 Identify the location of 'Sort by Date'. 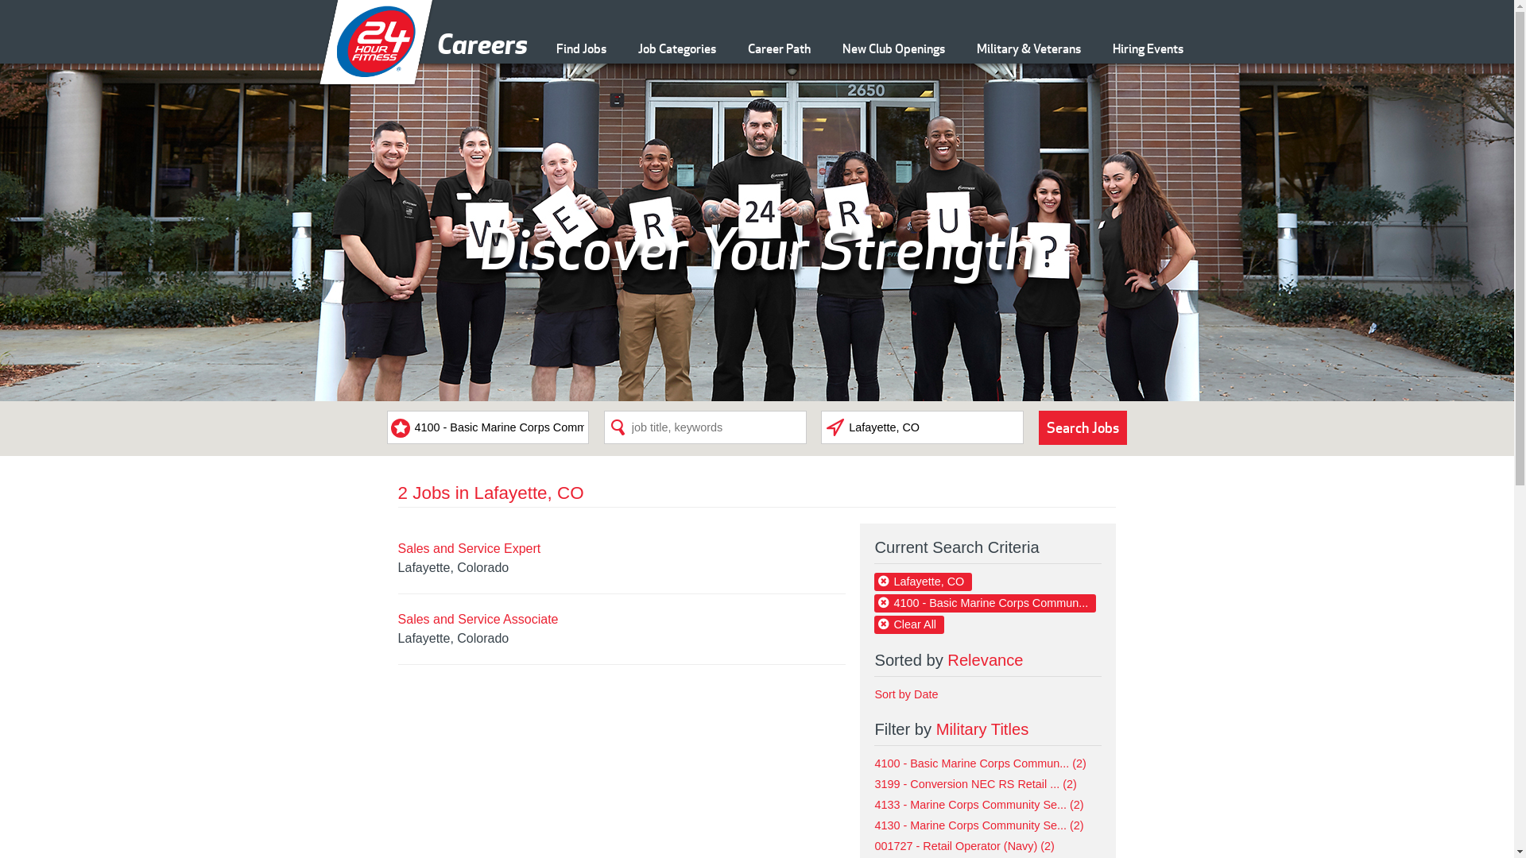
(906, 694).